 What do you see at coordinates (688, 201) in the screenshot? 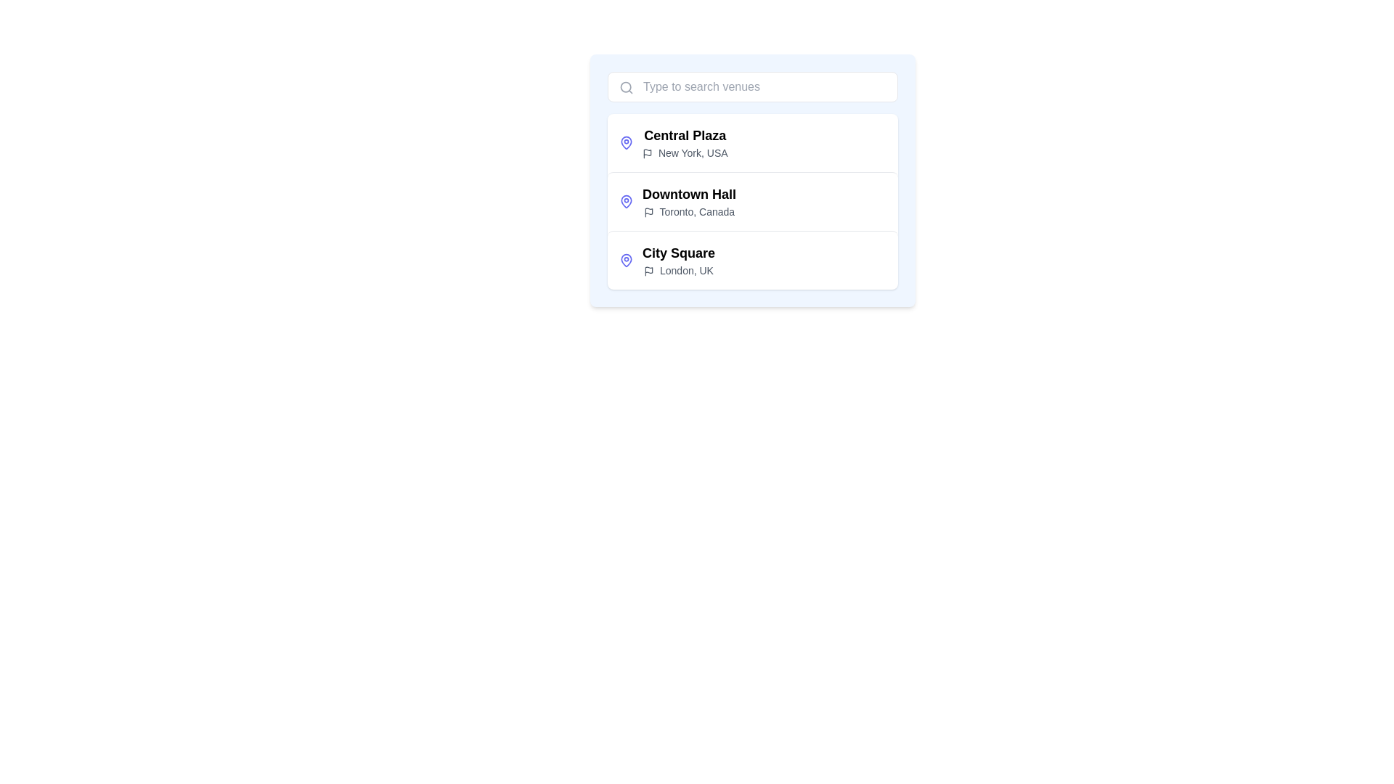
I see `the list item displaying 'Downtown Hall' located in Toronto, Canada, which is the second entry in the vertical list of venue options` at bounding box center [688, 201].